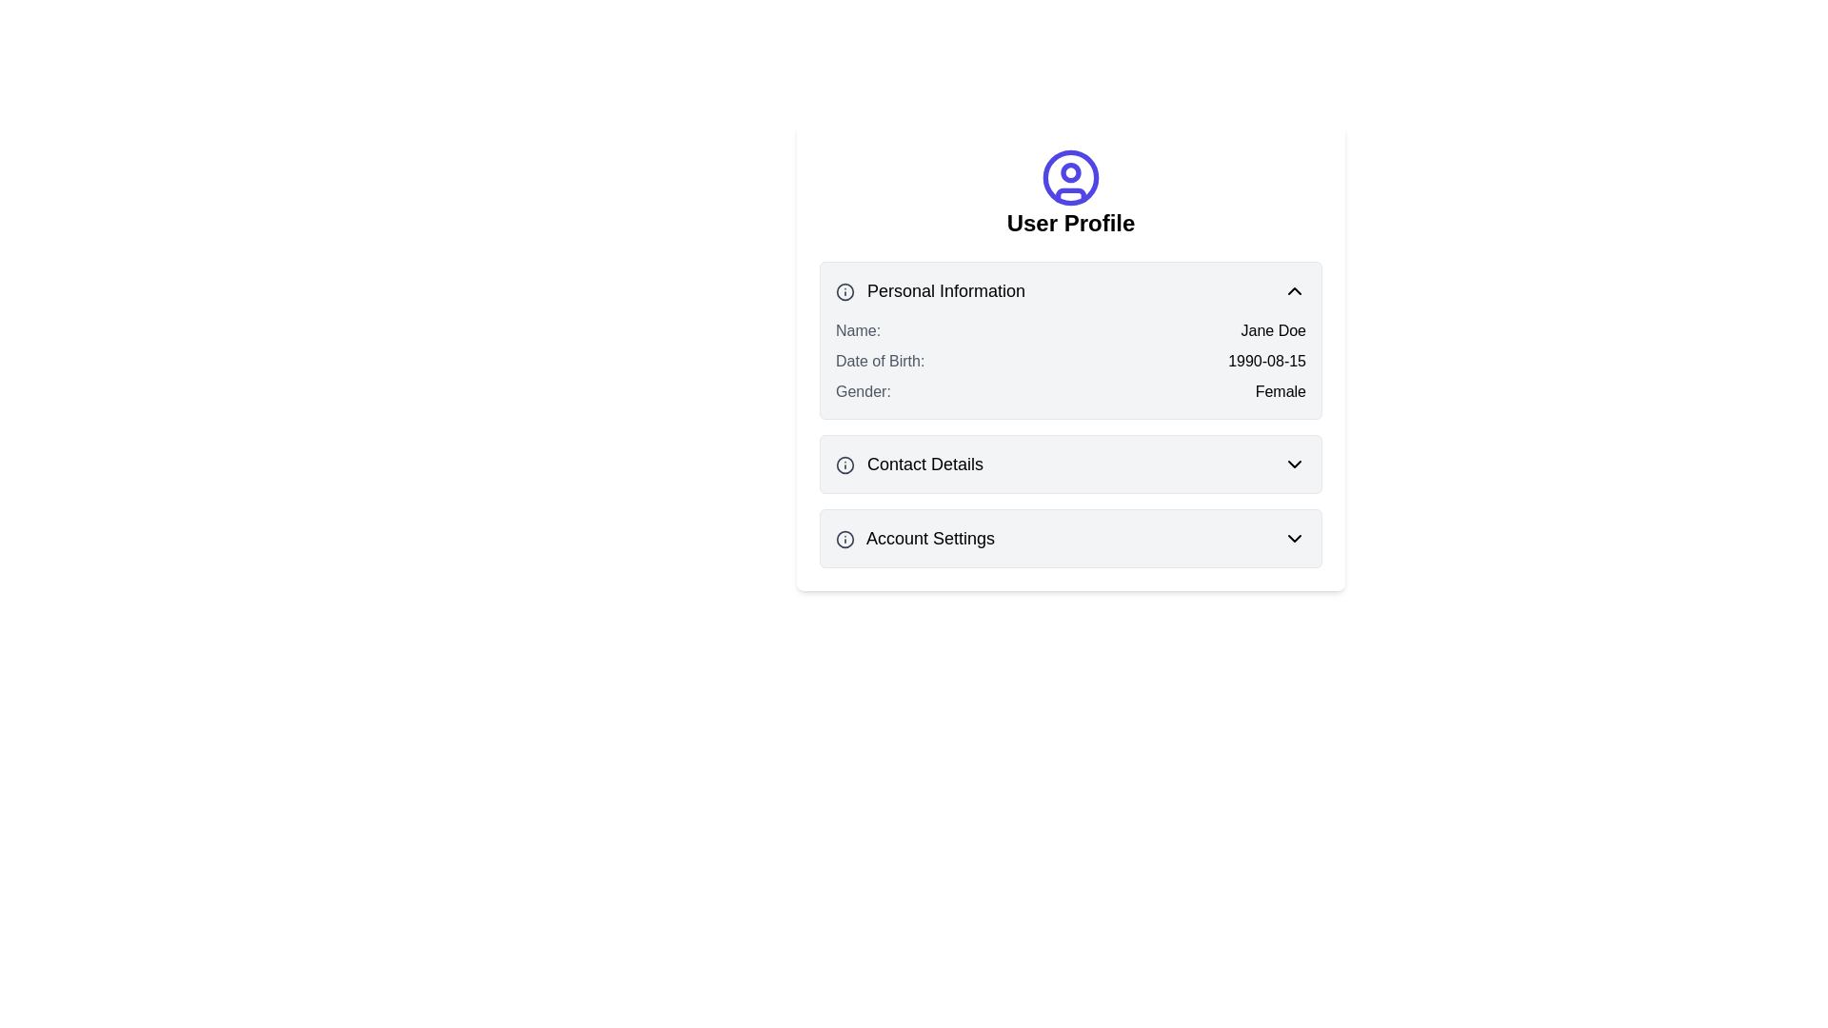 The width and height of the screenshot is (1828, 1028). Describe the element at coordinates (915, 539) in the screenshot. I see `text label displaying 'Account Settings' to understand its purpose, which is visually prominent with a larger bold font in a user profile interface` at that location.